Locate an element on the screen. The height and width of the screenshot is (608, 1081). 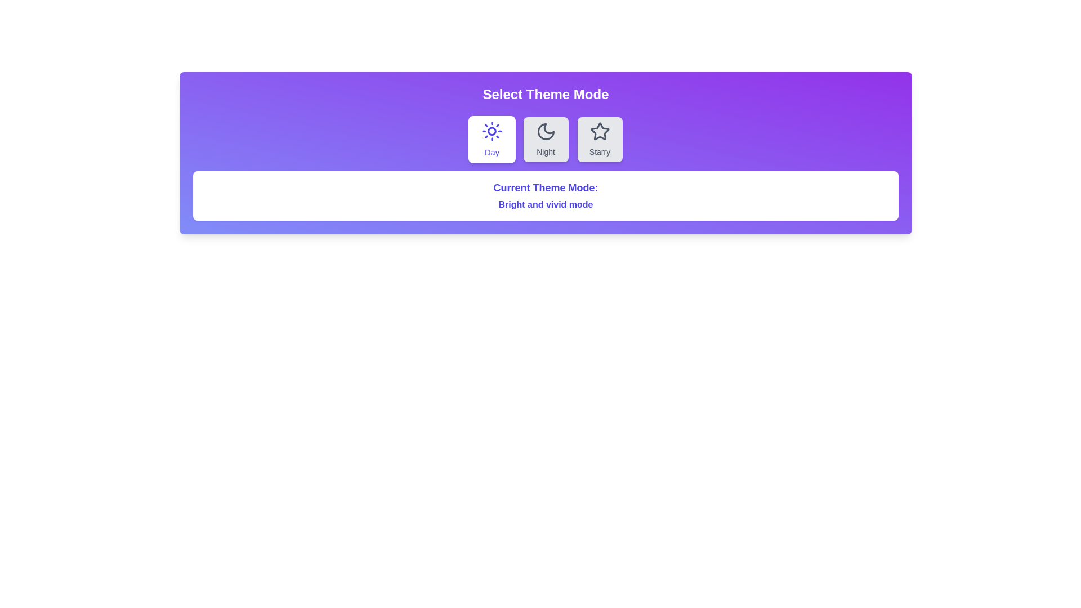
the Night button to observe visual feedback is located at coordinates (546, 138).